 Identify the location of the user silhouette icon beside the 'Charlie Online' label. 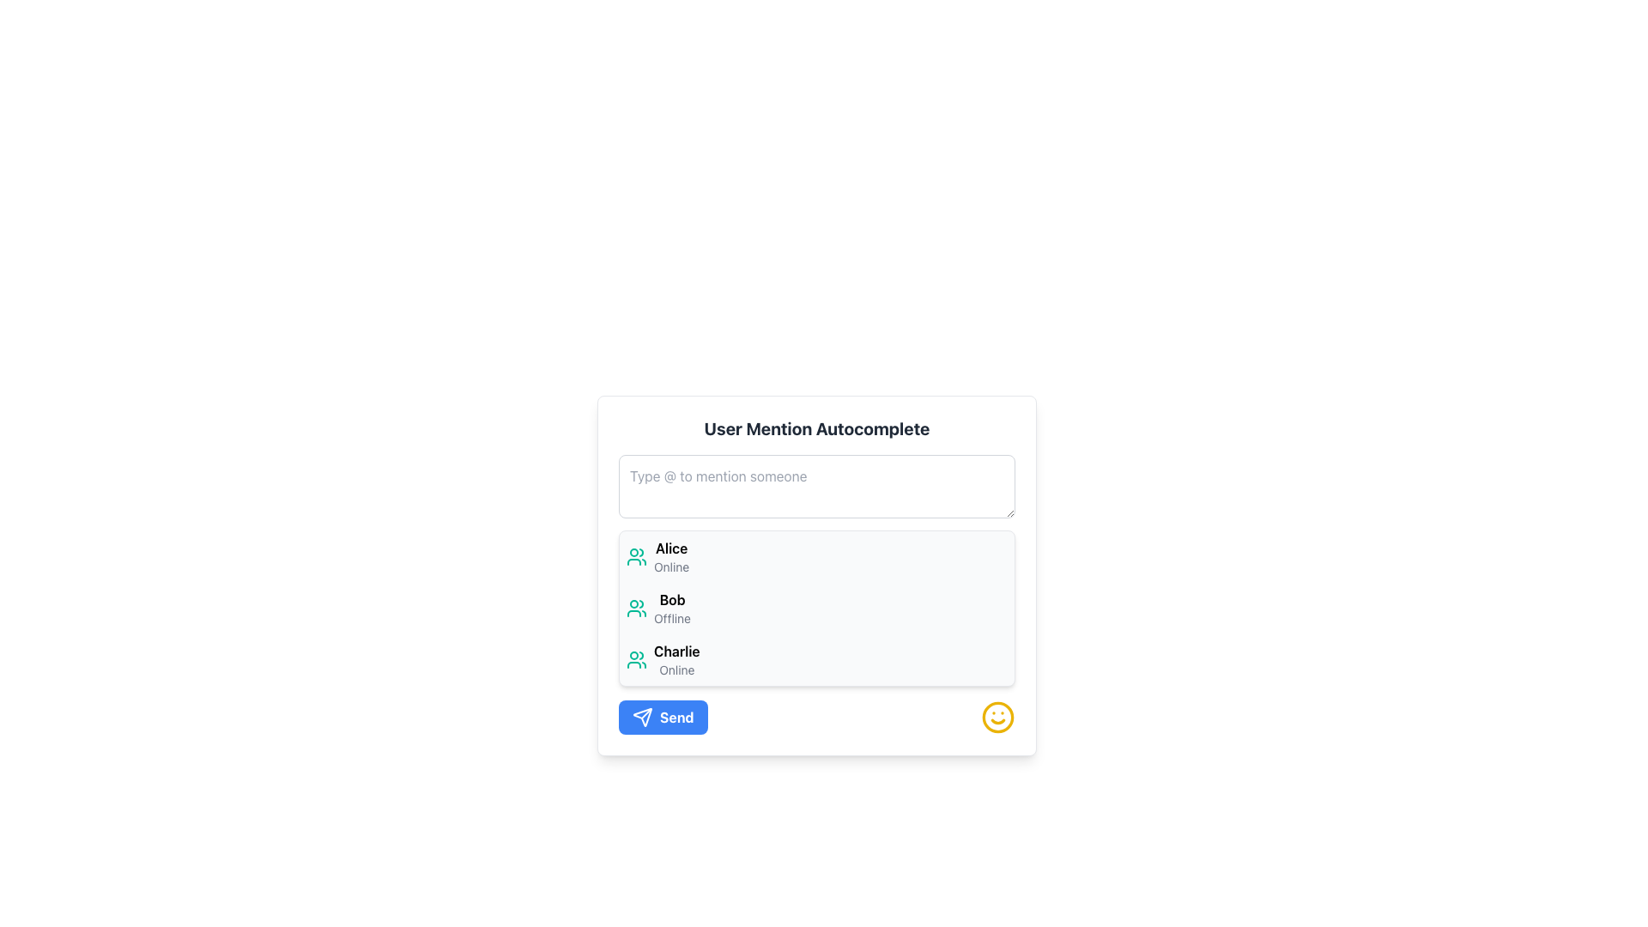
(636, 658).